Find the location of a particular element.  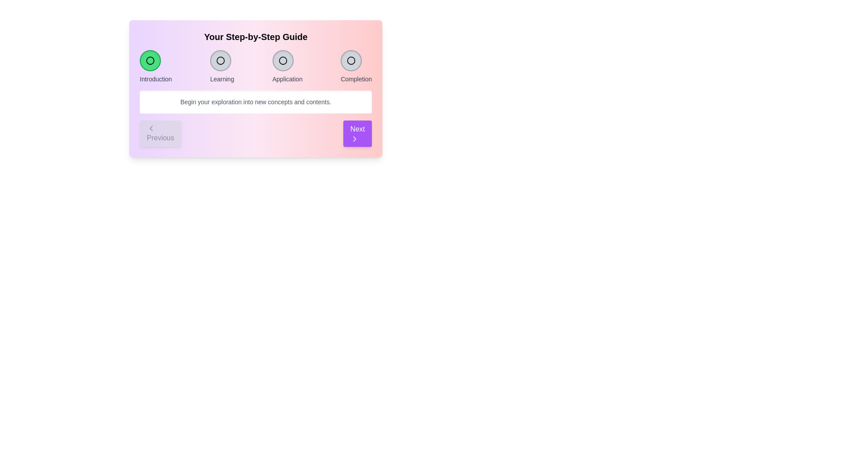

the 'Application' text label displayed in gray below the third circular icon in the step-by-step guide interface is located at coordinates (287, 79).